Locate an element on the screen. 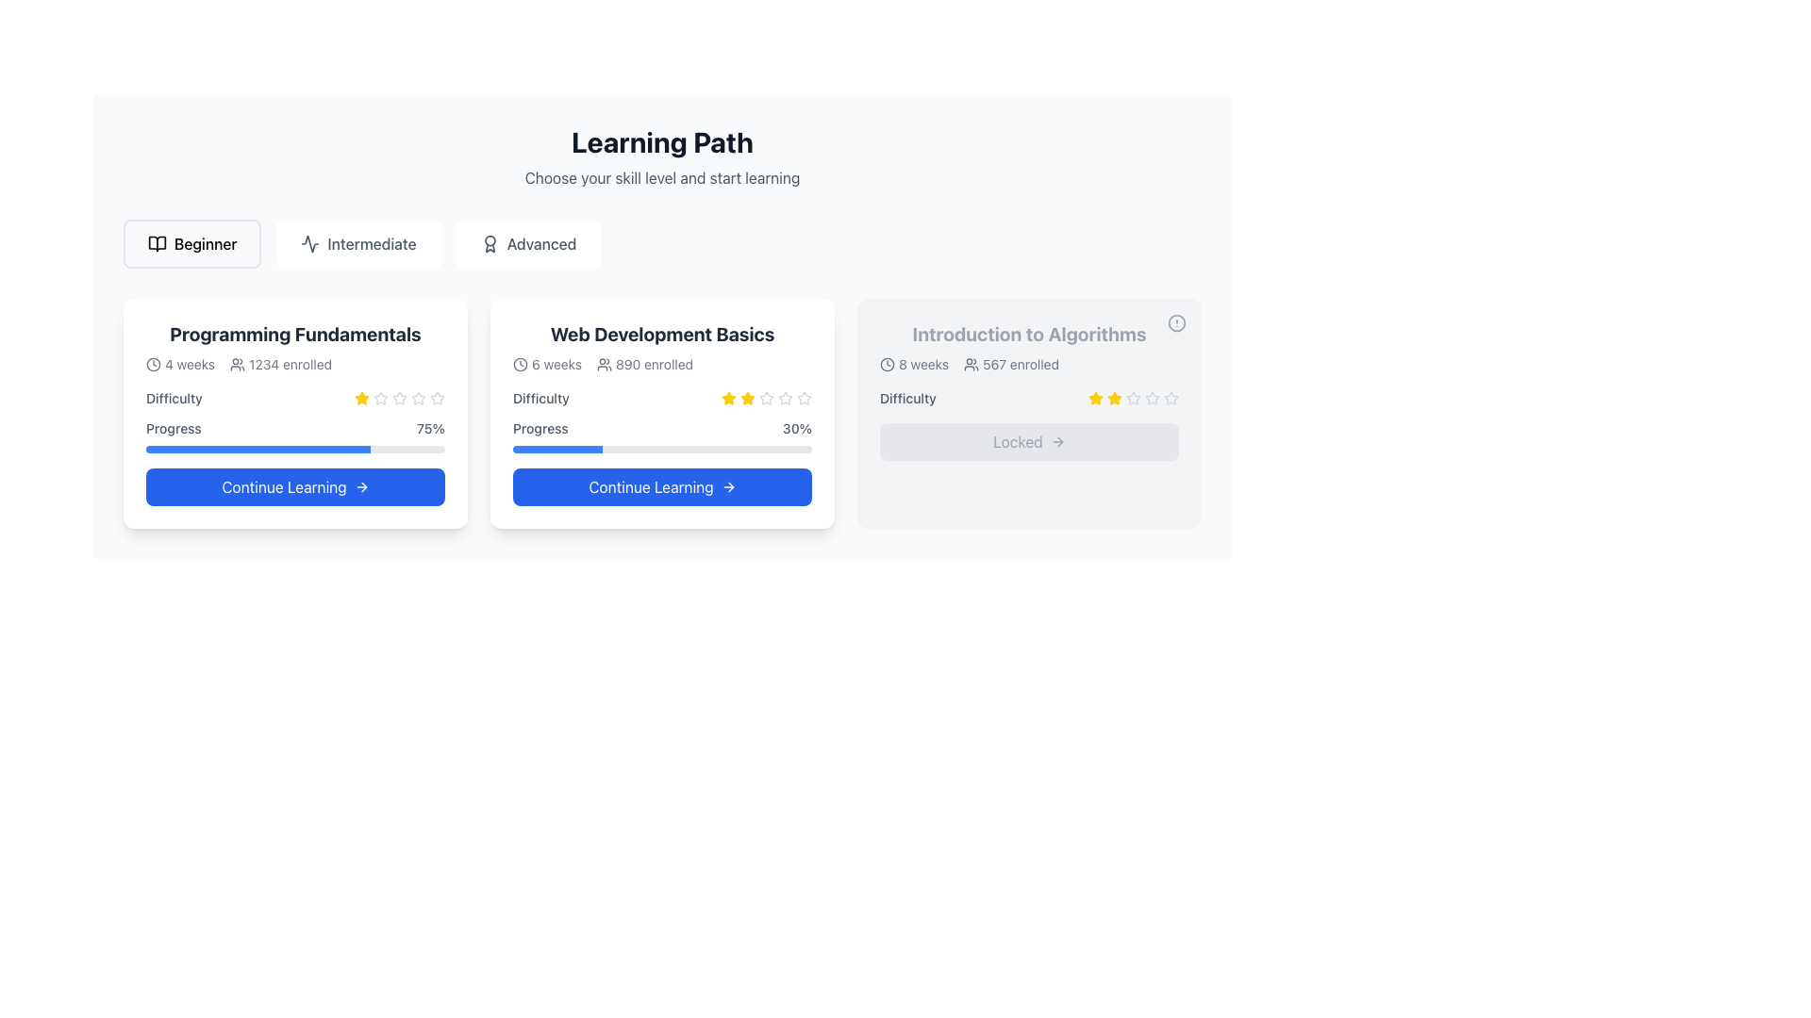  the 'Continue' button located at the bottom-center of the 'Web Development Basics' content card is located at coordinates (662, 485).